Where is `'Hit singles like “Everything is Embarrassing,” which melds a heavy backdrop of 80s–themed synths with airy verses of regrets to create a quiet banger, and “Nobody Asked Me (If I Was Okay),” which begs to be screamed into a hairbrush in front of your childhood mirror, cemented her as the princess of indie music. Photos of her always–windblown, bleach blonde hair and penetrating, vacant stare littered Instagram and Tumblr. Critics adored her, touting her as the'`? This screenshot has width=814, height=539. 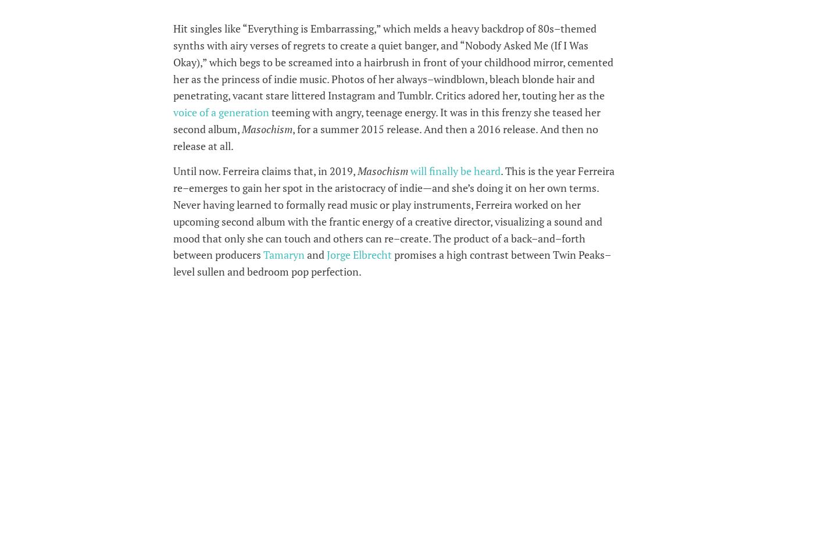 'Hit singles like “Everything is Embarrassing,” which melds a heavy backdrop of 80s–themed synths with airy verses of regrets to create a quiet banger, and “Nobody Asked Me (If I Was Okay),” which begs to be screamed into a hairbrush in front of your childhood mirror, cemented her as the princess of indie music. Photos of her always–windblown, bleach blonde hair and penetrating, vacant stare littered Instagram and Tumblr. Critics adored her, touting her as the' is located at coordinates (392, 61).